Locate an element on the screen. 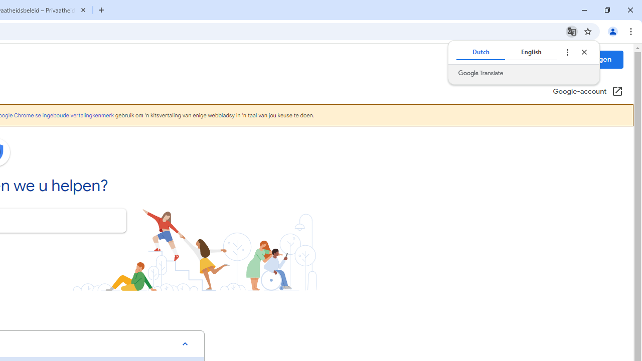  'Translate this page' is located at coordinates (571, 31).